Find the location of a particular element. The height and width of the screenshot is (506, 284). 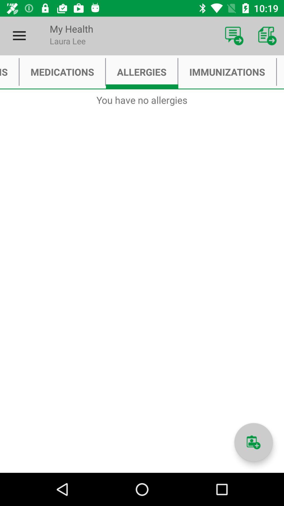

item to the left of the my health icon is located at coordinates (19, 36).